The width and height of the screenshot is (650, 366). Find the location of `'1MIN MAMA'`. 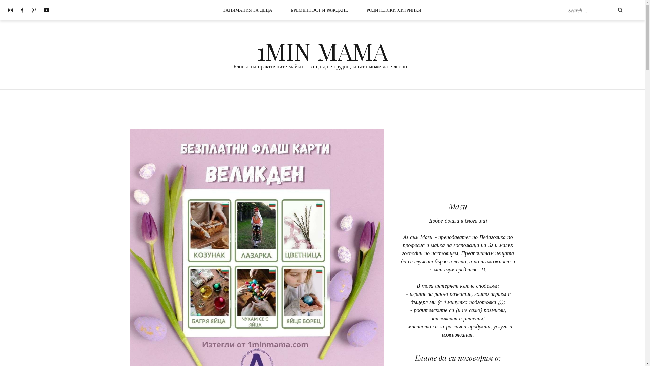

'1MIN MAMA' is located at coordinates (322, 50).